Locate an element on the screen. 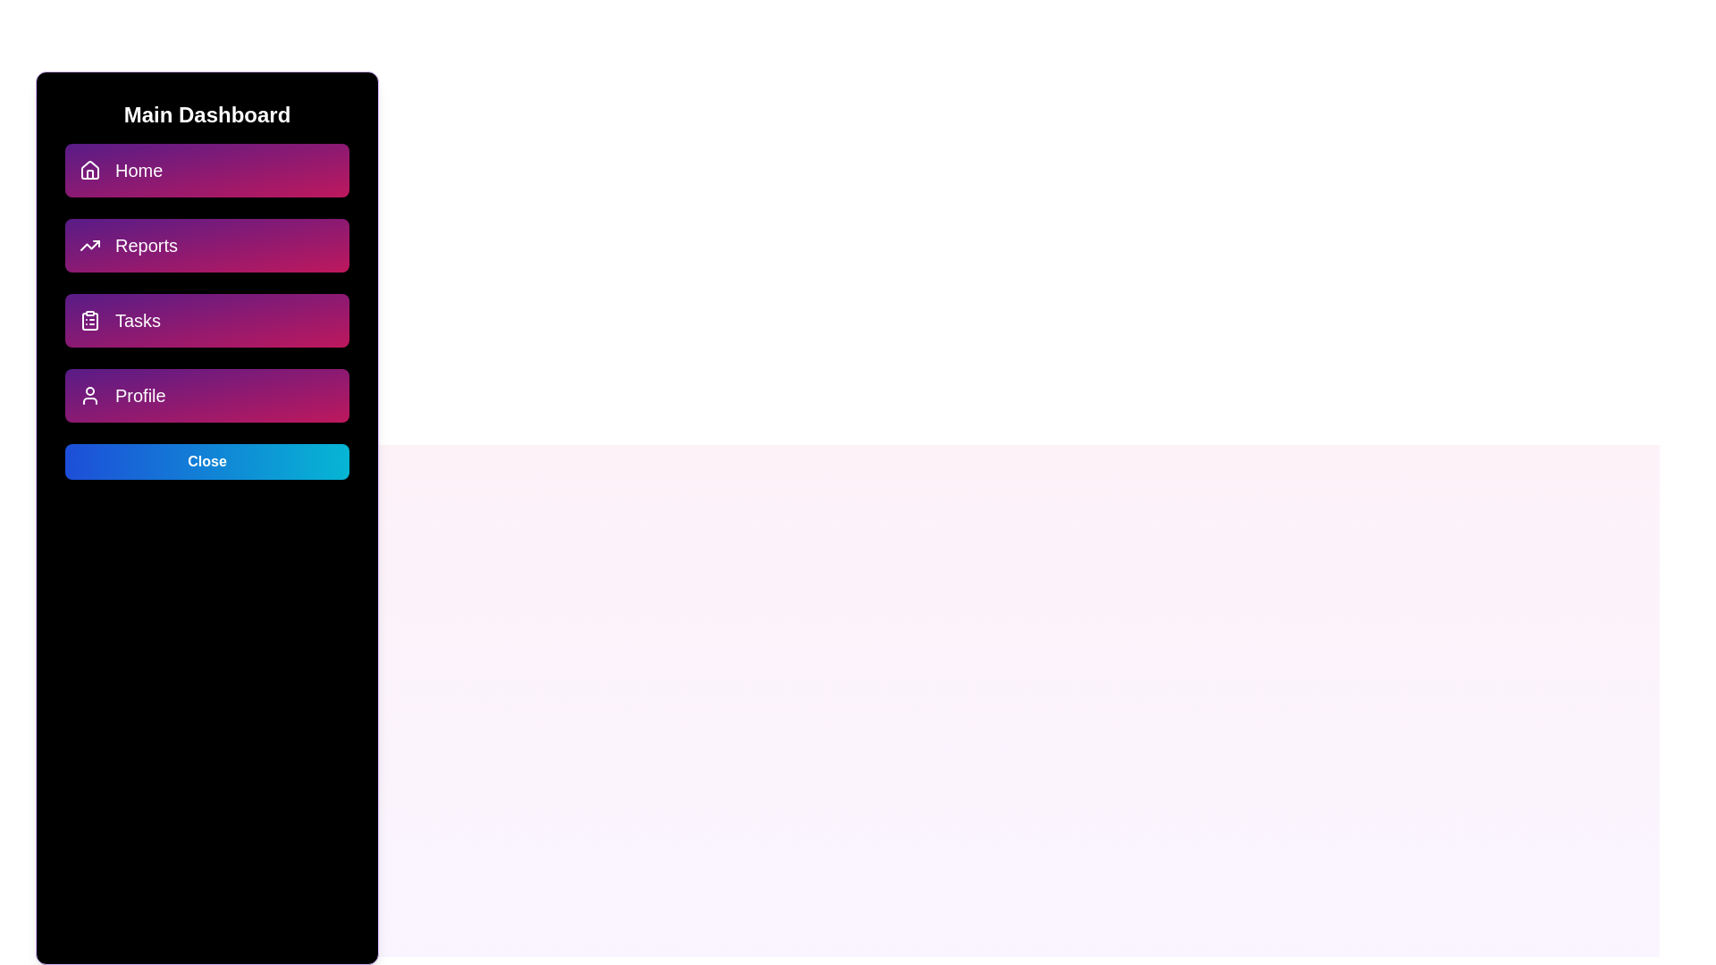  the menu option Tasks to navigate to the respective section is located at coordinates (206, 319).